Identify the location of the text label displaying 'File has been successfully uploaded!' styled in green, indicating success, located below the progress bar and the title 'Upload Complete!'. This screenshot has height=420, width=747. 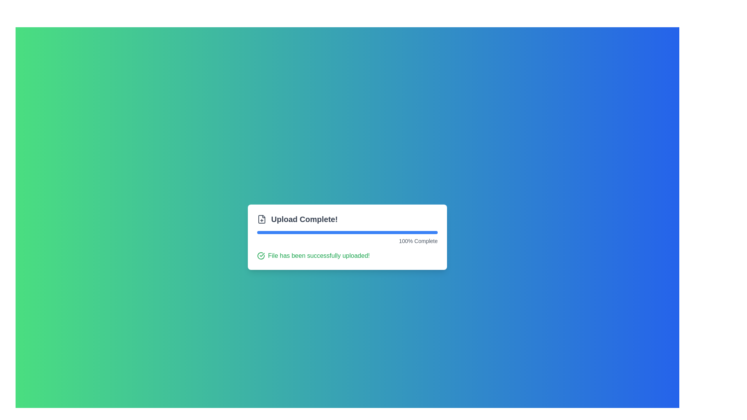
(319, 256).